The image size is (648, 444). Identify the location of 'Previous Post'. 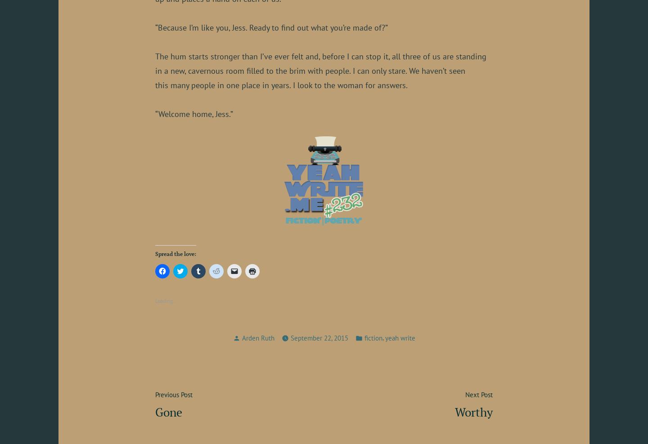
(173, 394).